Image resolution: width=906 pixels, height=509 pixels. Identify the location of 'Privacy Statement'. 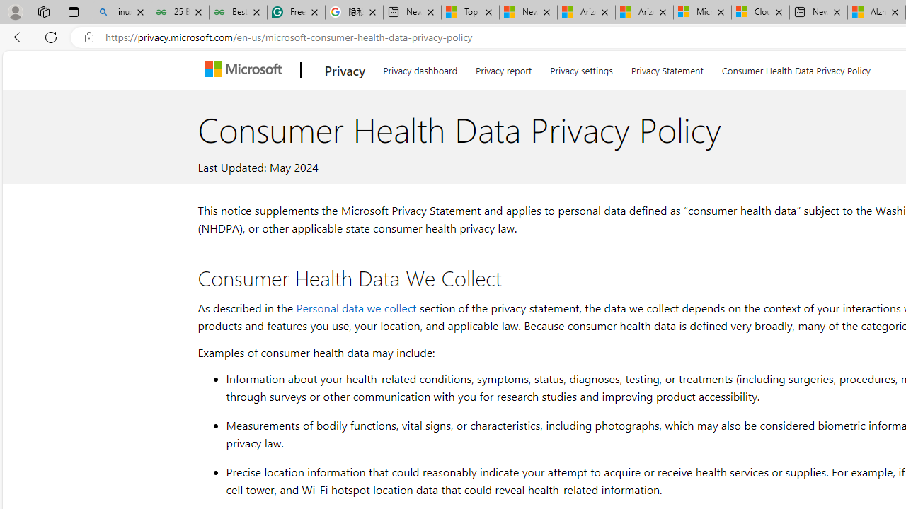
(666, 68).